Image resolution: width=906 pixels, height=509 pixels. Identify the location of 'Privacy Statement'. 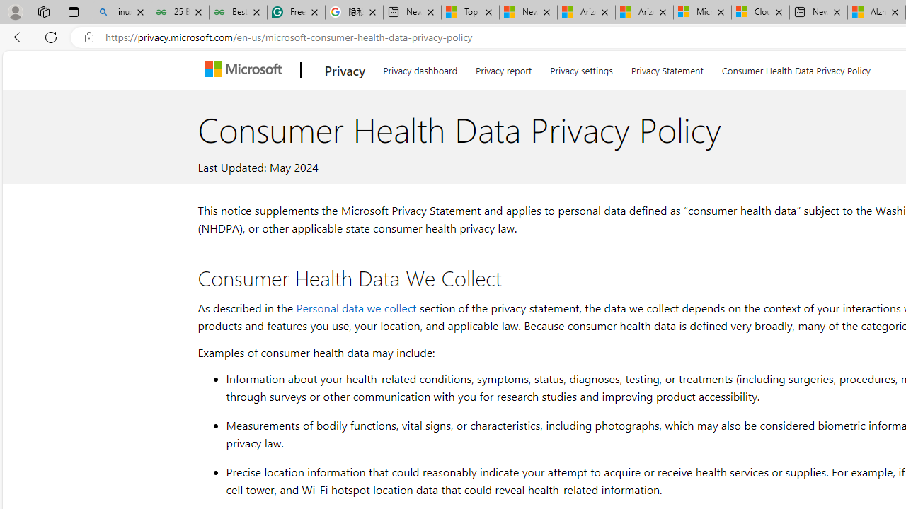
(666, 68).